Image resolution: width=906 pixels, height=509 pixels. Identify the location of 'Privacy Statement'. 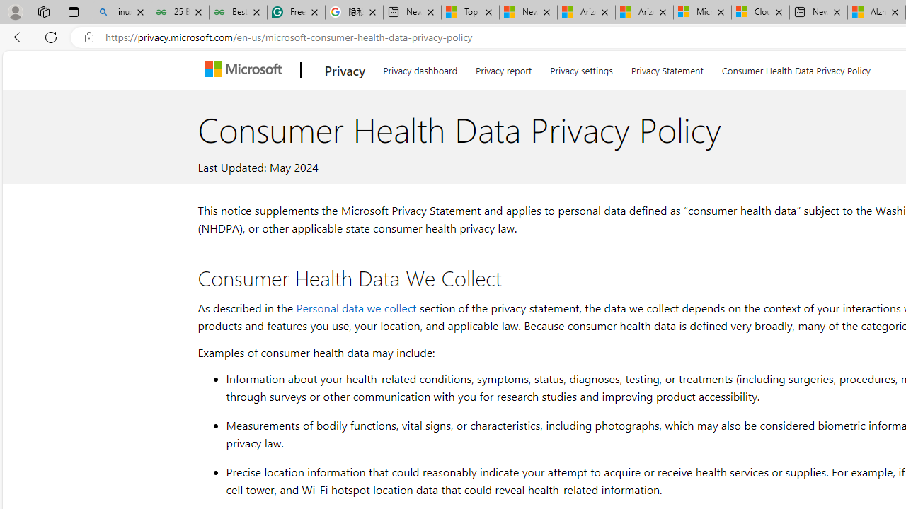
(666, 68).